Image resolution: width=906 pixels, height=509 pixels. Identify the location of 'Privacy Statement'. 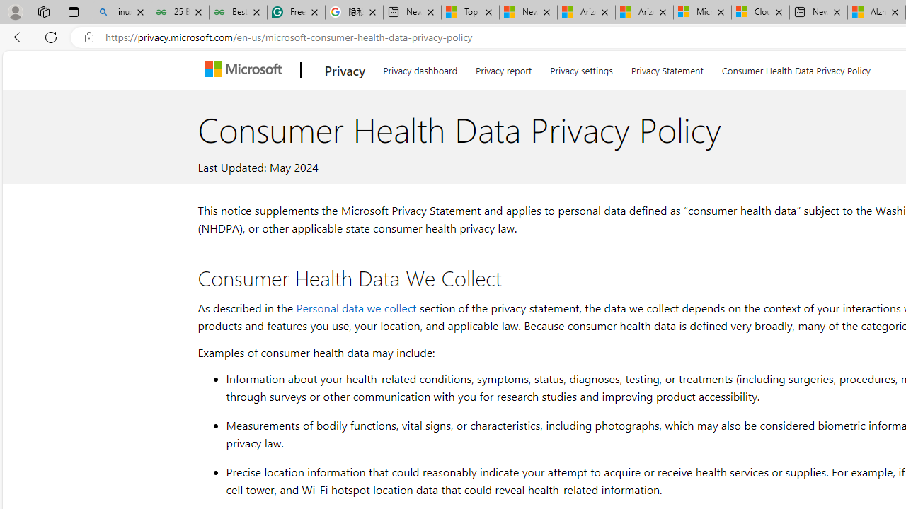
(666, 68).